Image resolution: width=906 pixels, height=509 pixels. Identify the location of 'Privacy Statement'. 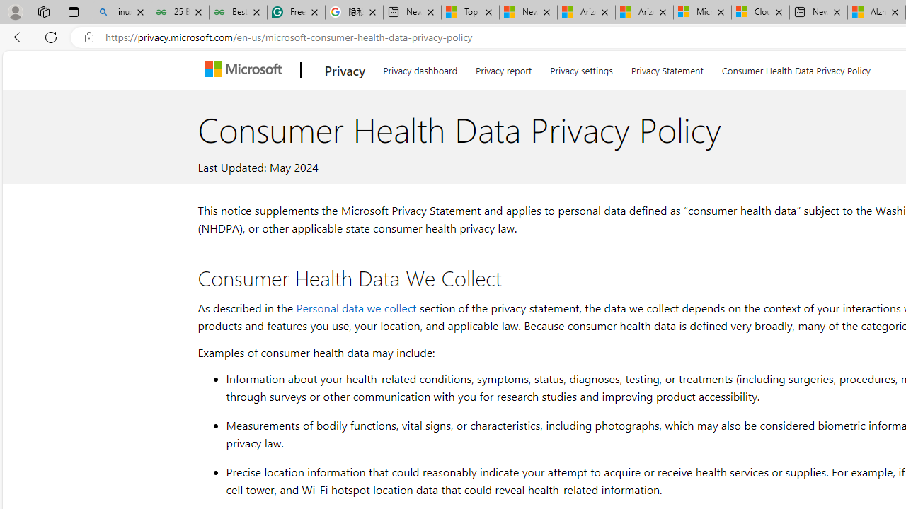
(666, 68).